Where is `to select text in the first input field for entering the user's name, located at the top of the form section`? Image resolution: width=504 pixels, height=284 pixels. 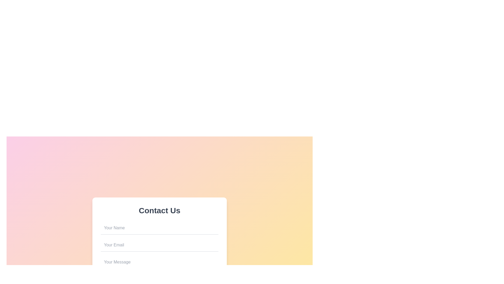
to select text in the first input field for entering the user's name, located at the top of the form section is located at coordinates (159, 228).